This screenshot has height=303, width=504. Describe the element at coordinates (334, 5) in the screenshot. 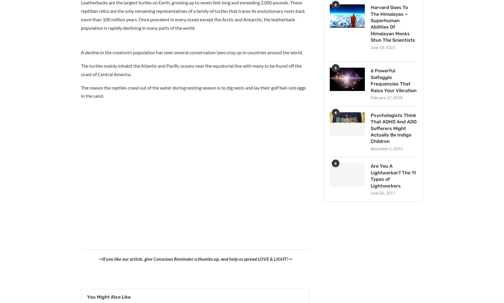

I see `'2'` at that location.